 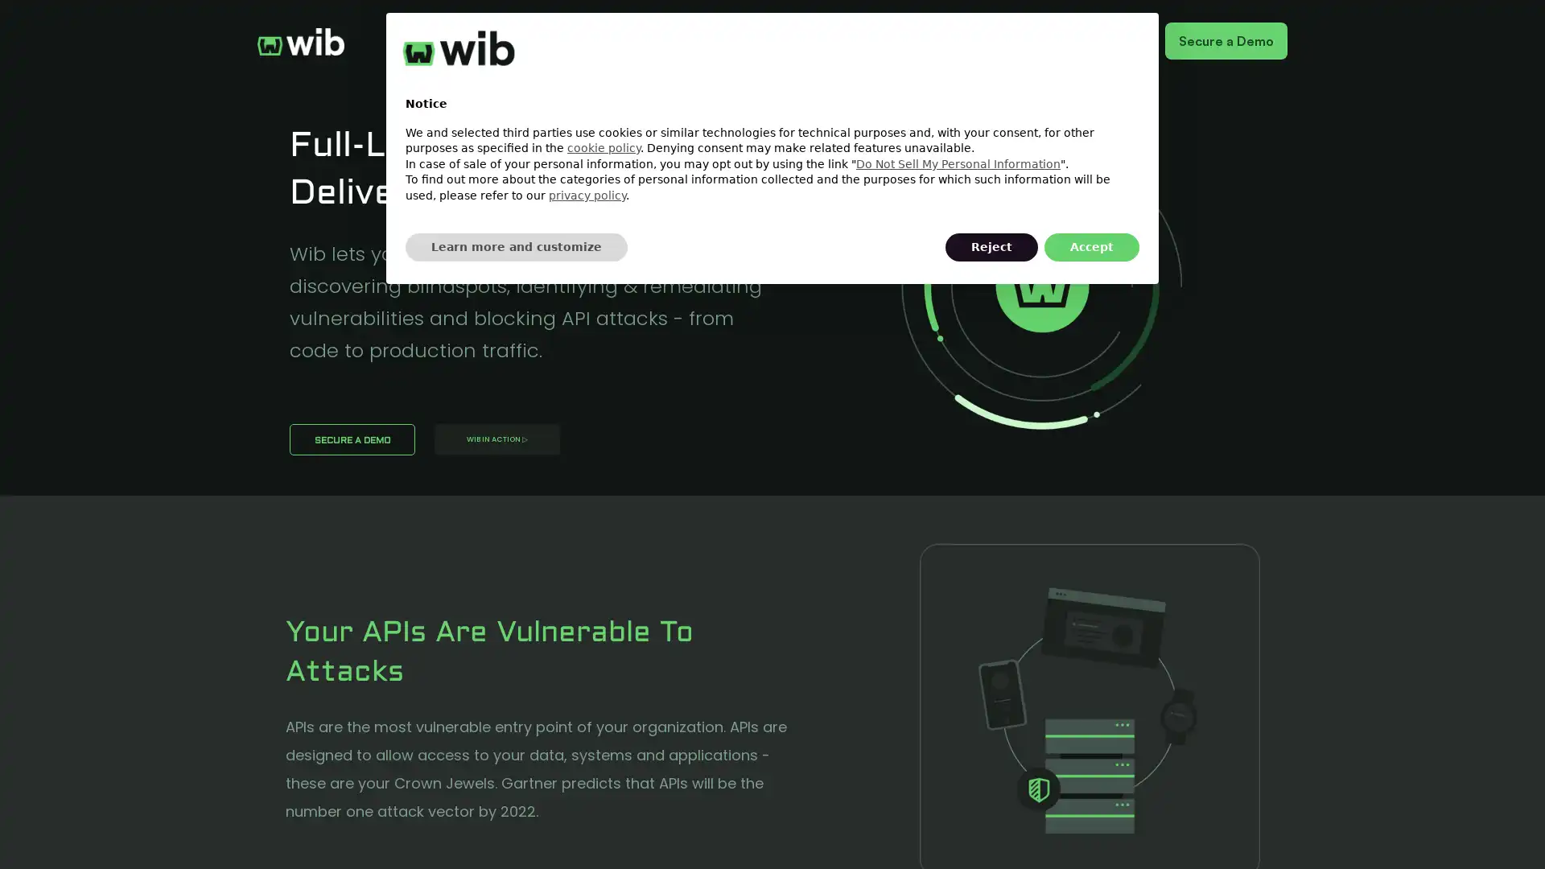 I want to click on Accept, so click(x=1092, y=247).